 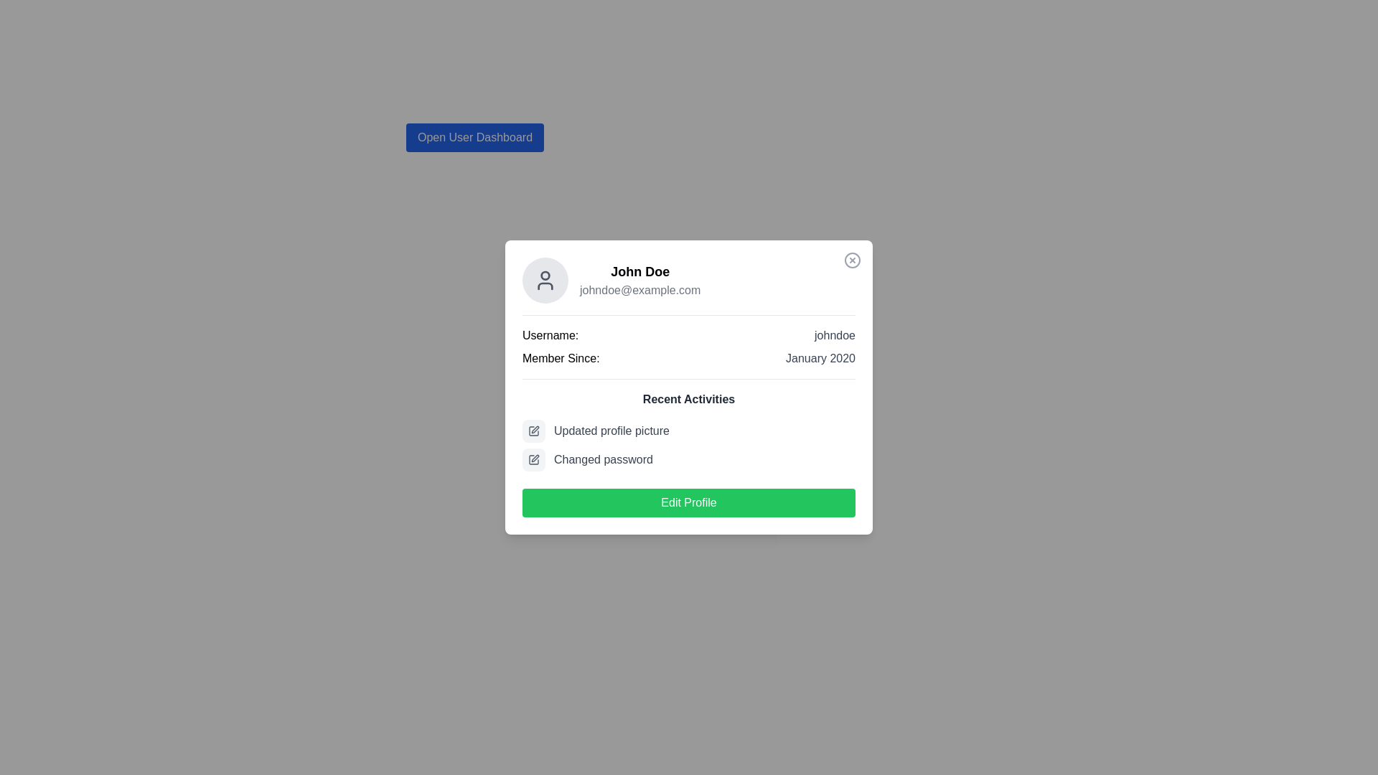 I want to click on the icon representing the 'Updated profile picture' entry in the recent activities section of the user information card, so click(x=533, y=431).